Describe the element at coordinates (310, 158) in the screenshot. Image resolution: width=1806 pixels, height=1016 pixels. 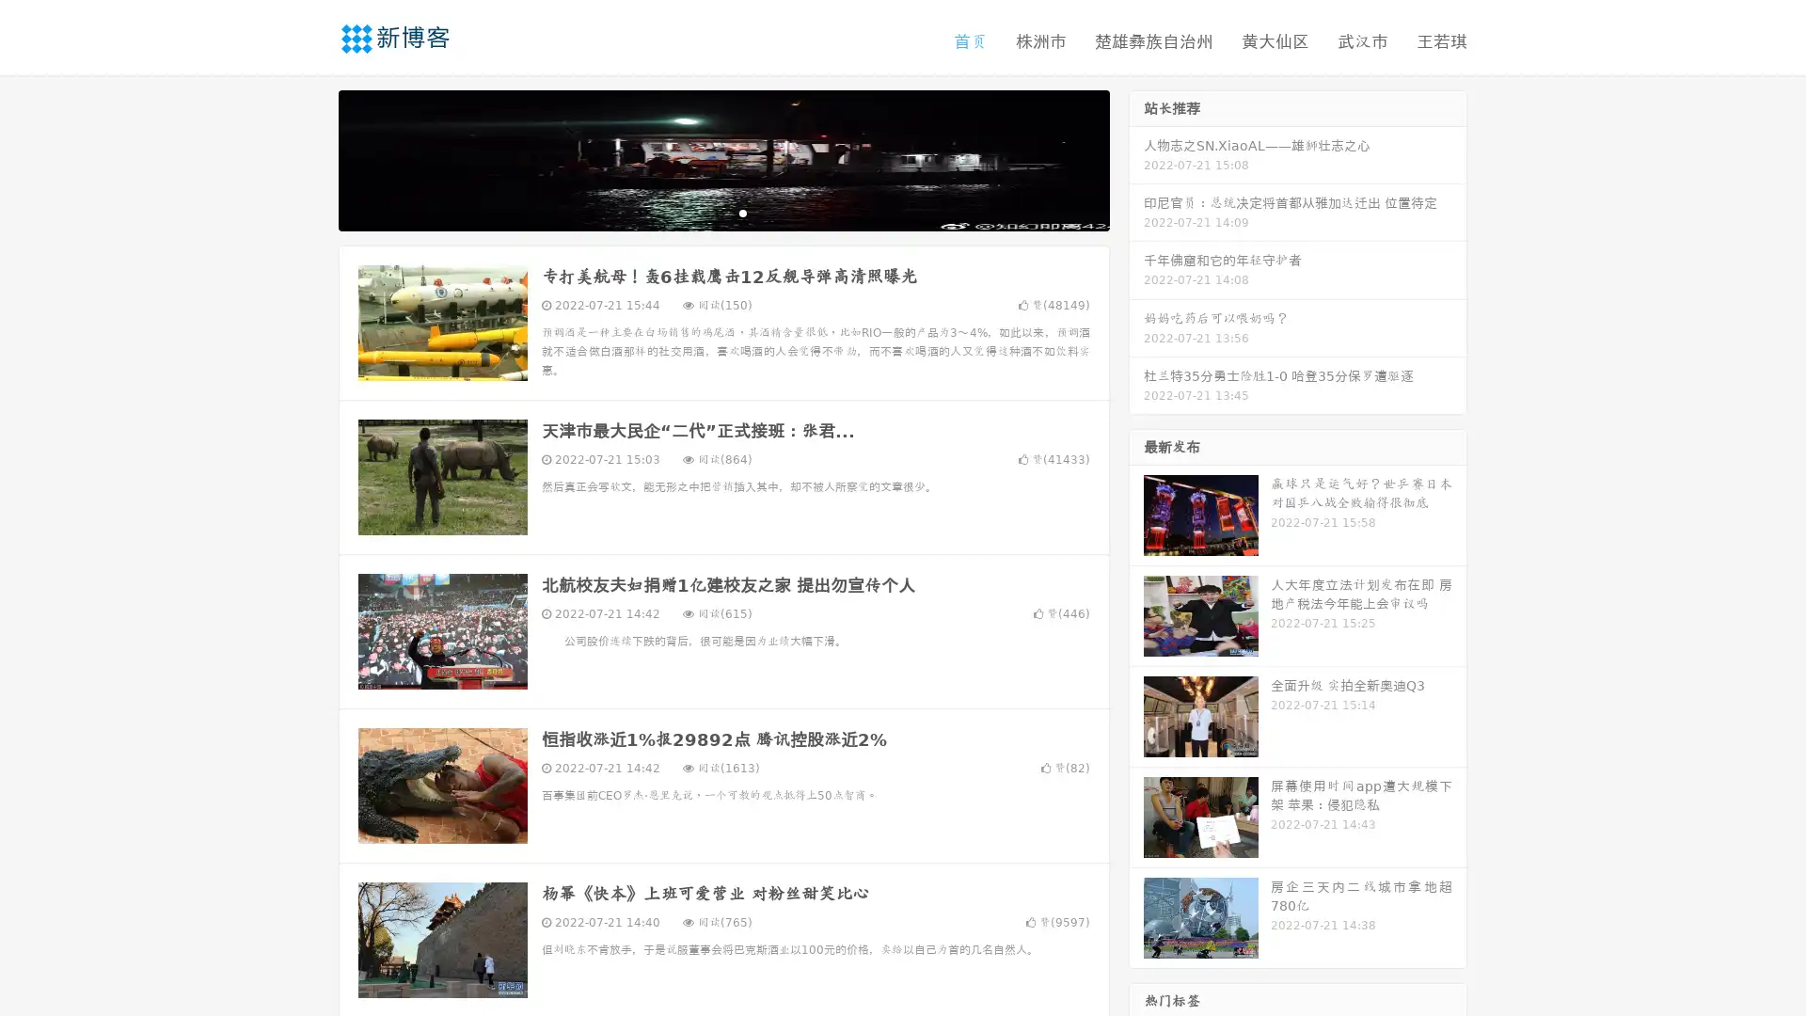
I see `Previous slide` at that location.